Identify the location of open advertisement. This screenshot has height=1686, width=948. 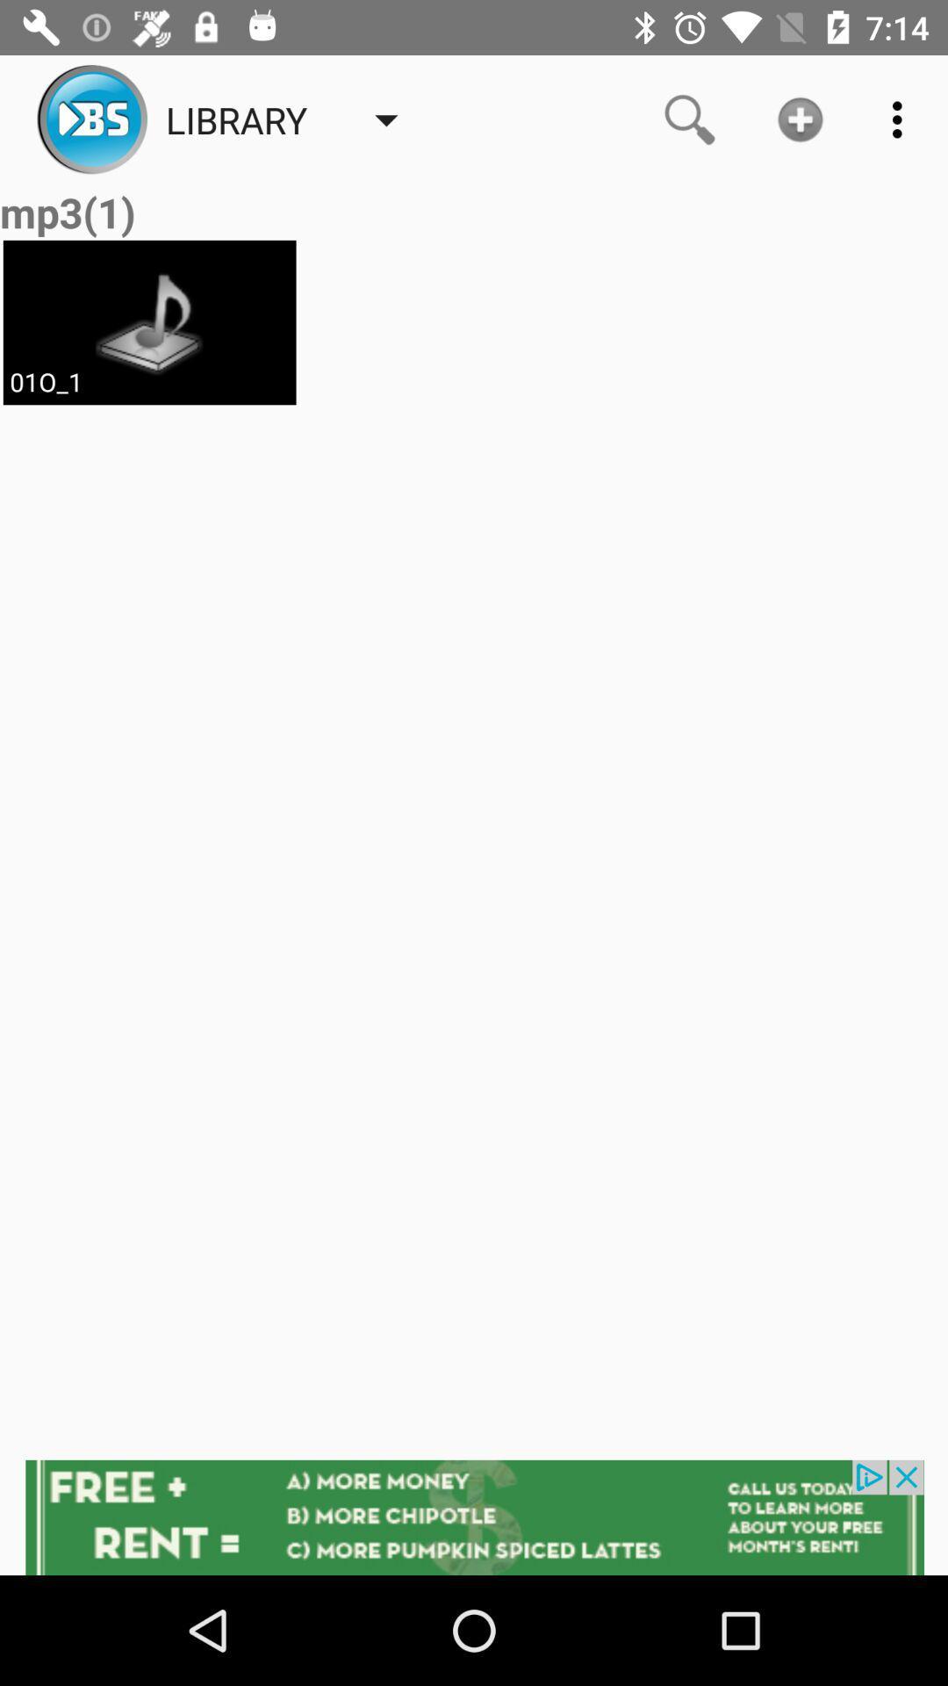
(474, 1517).